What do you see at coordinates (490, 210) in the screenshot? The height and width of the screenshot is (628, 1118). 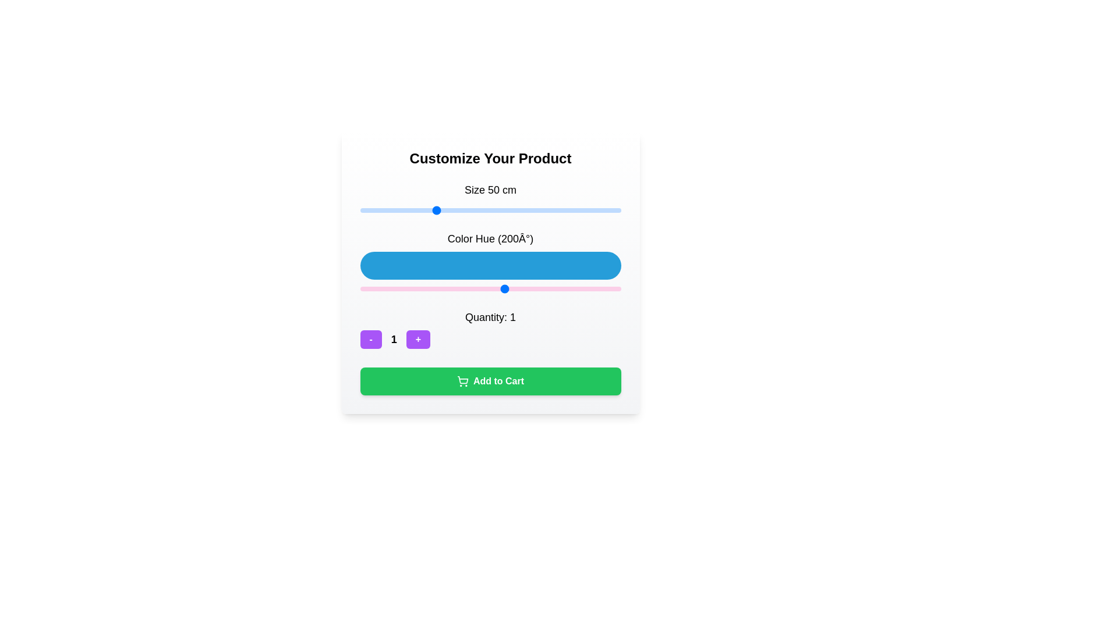 I see `the track of the slider located beneath the text 'Size 50 cm' to adjust the size value` at bounding box center [490, 210].